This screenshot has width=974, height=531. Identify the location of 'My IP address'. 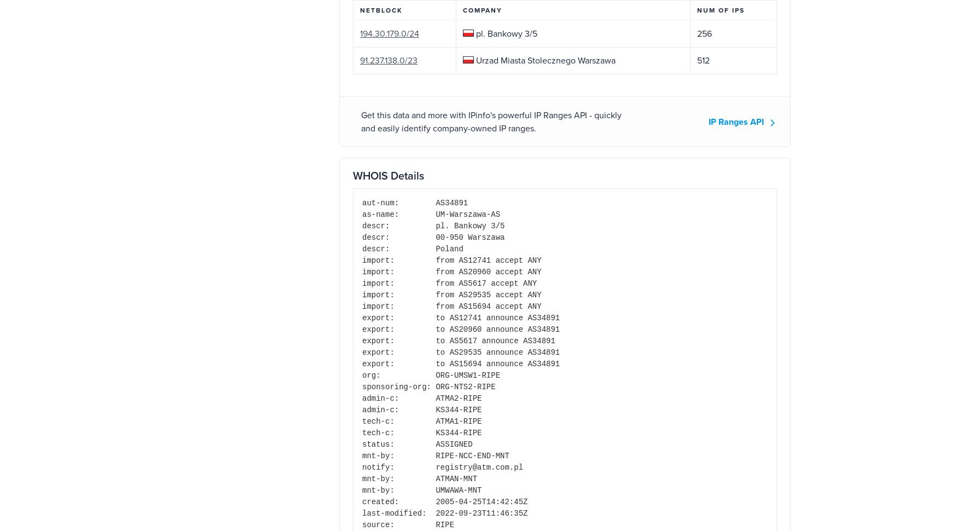
(563, 412).